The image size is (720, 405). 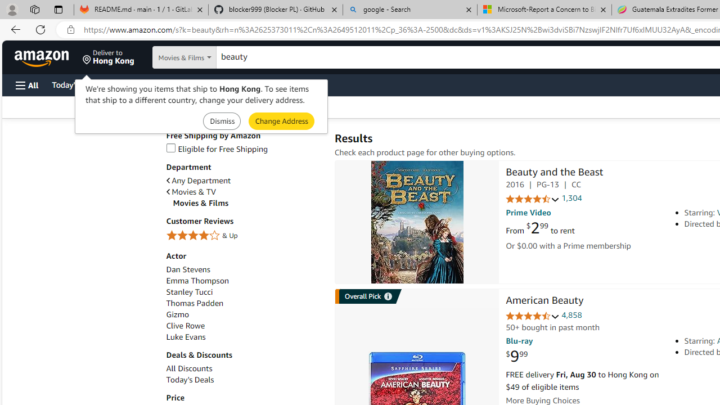 What do you see at coordinates (197, 280) in the screenshot?
I see `'Emma Thompson'` at bounding box center [197, 280].